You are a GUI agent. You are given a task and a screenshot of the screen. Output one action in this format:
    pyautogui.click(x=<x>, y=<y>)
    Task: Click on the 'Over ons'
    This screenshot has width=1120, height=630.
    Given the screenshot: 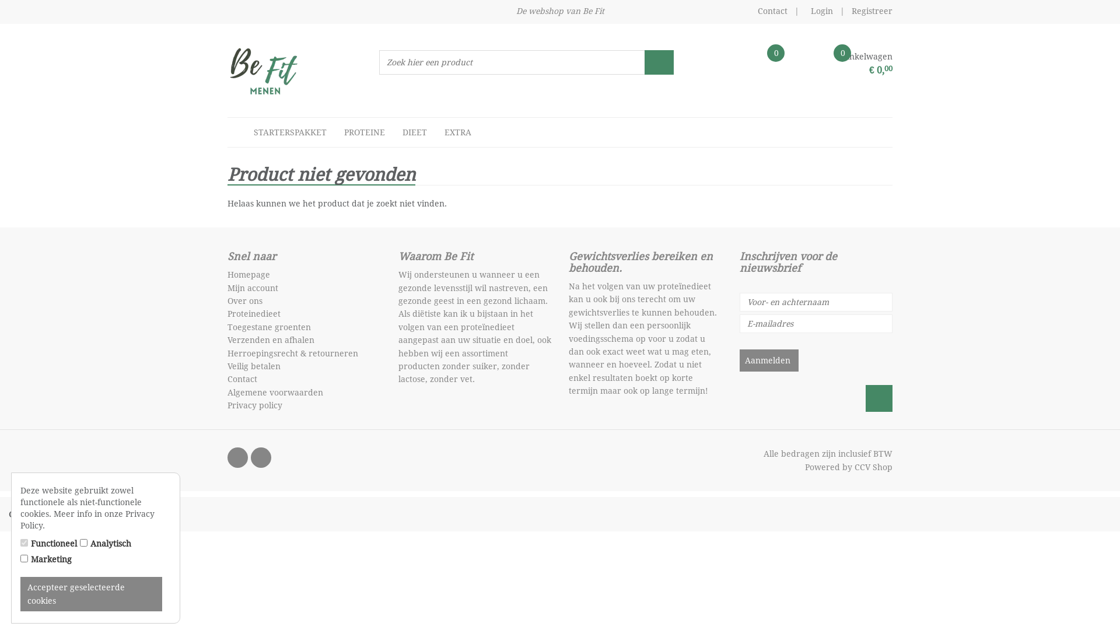 What is the action you would take?
    pyautogui.click(x=244, y=300)
    